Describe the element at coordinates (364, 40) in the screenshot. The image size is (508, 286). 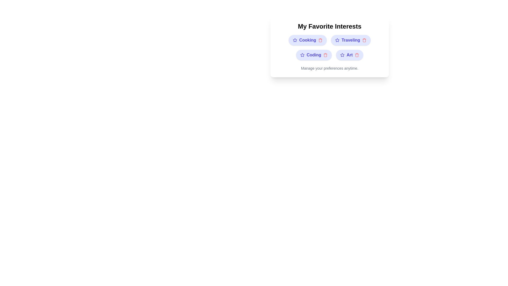
I see `delete button next to the interest Traveling to remove it` at that location.